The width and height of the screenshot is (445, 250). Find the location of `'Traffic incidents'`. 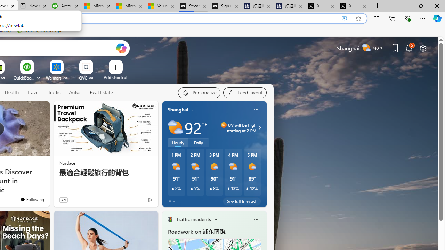

'Traffic incidents' is located at coordinates (193, 219).